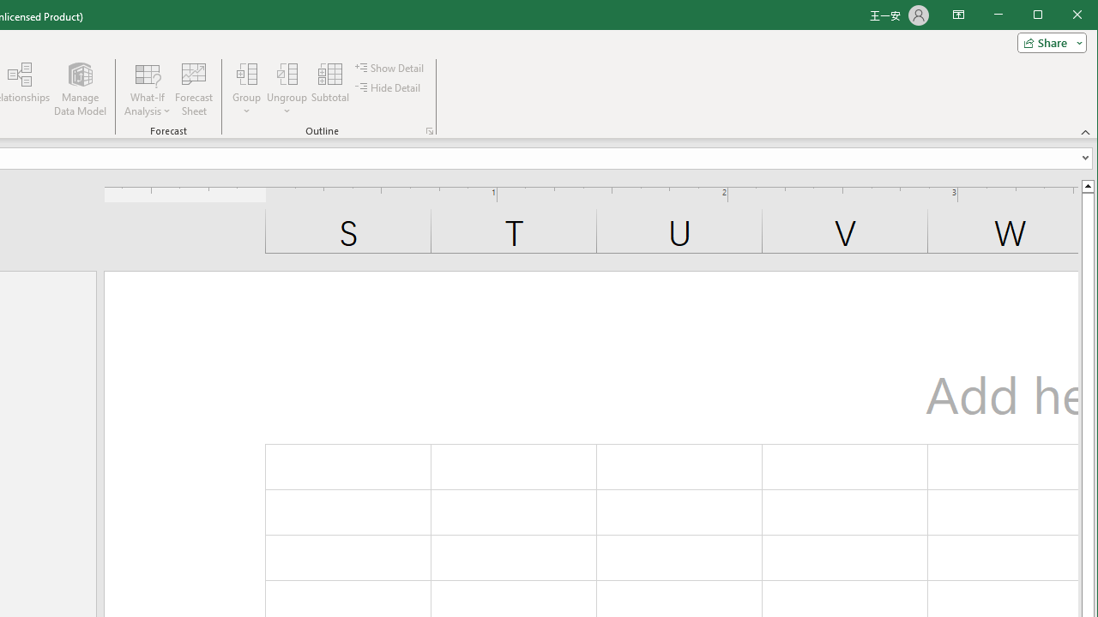  What do you see at coordinates (148, 89) in the screenshot?
I see `'What-If Analysis'` at bounding box center [148, 89].